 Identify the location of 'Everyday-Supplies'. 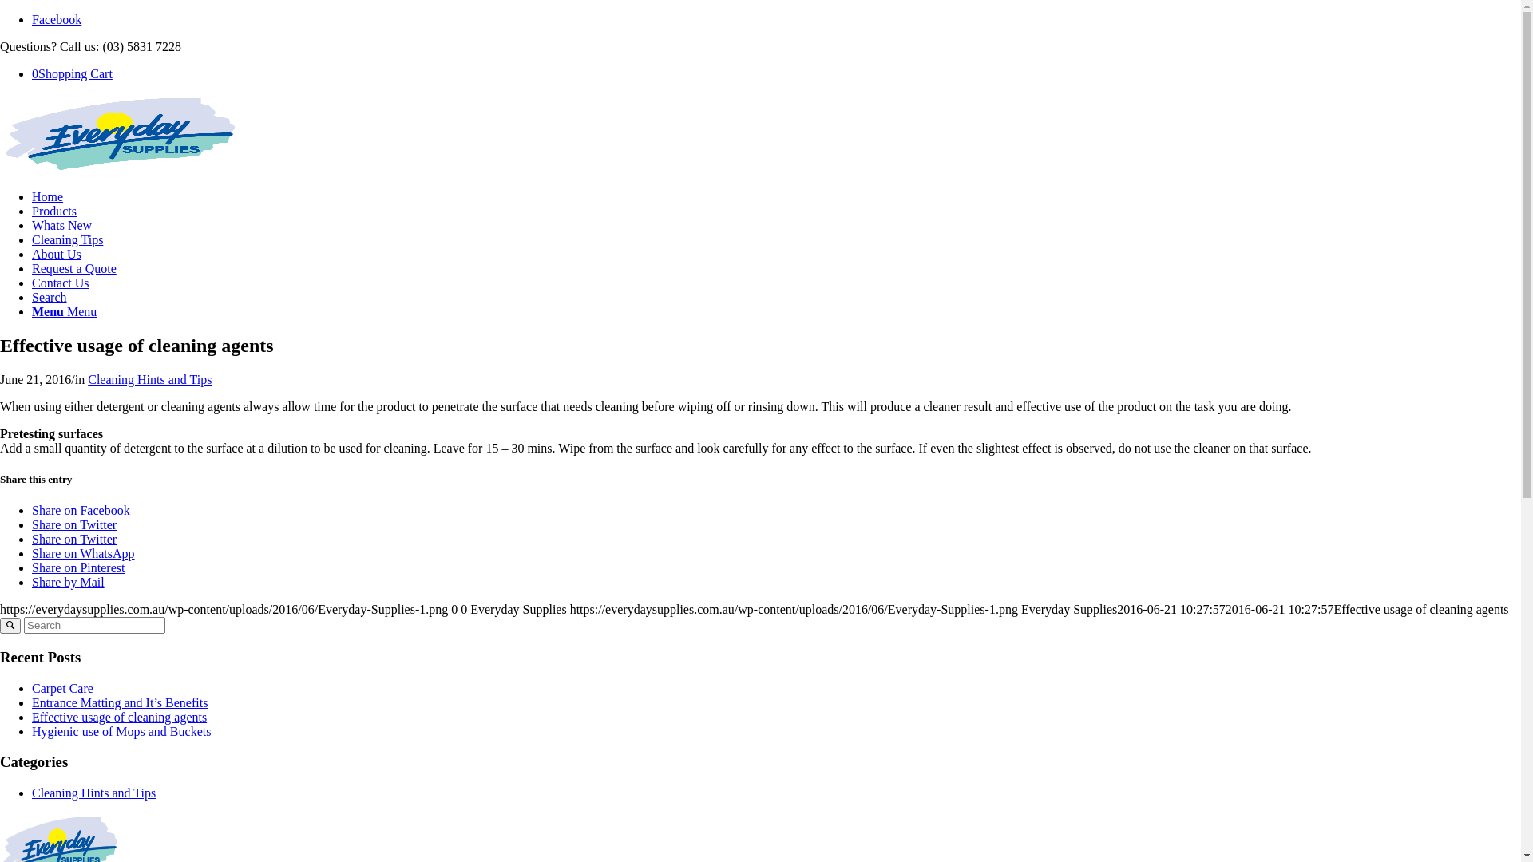
(118, 133).